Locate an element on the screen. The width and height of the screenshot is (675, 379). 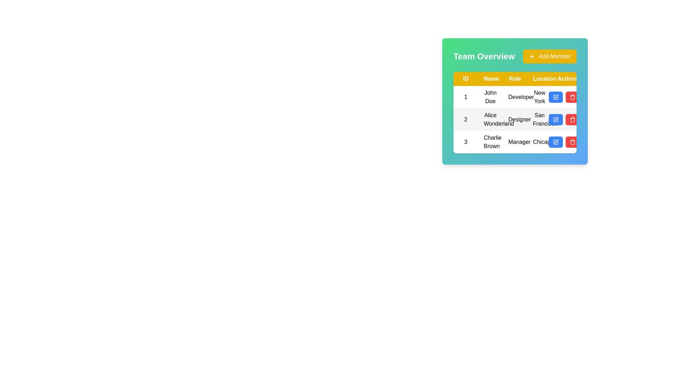
the 'Add Member' button which contains the icon for adding a new member, located in the top-right corner of the 'Team Overview' section is located at coordinates (532, 56).